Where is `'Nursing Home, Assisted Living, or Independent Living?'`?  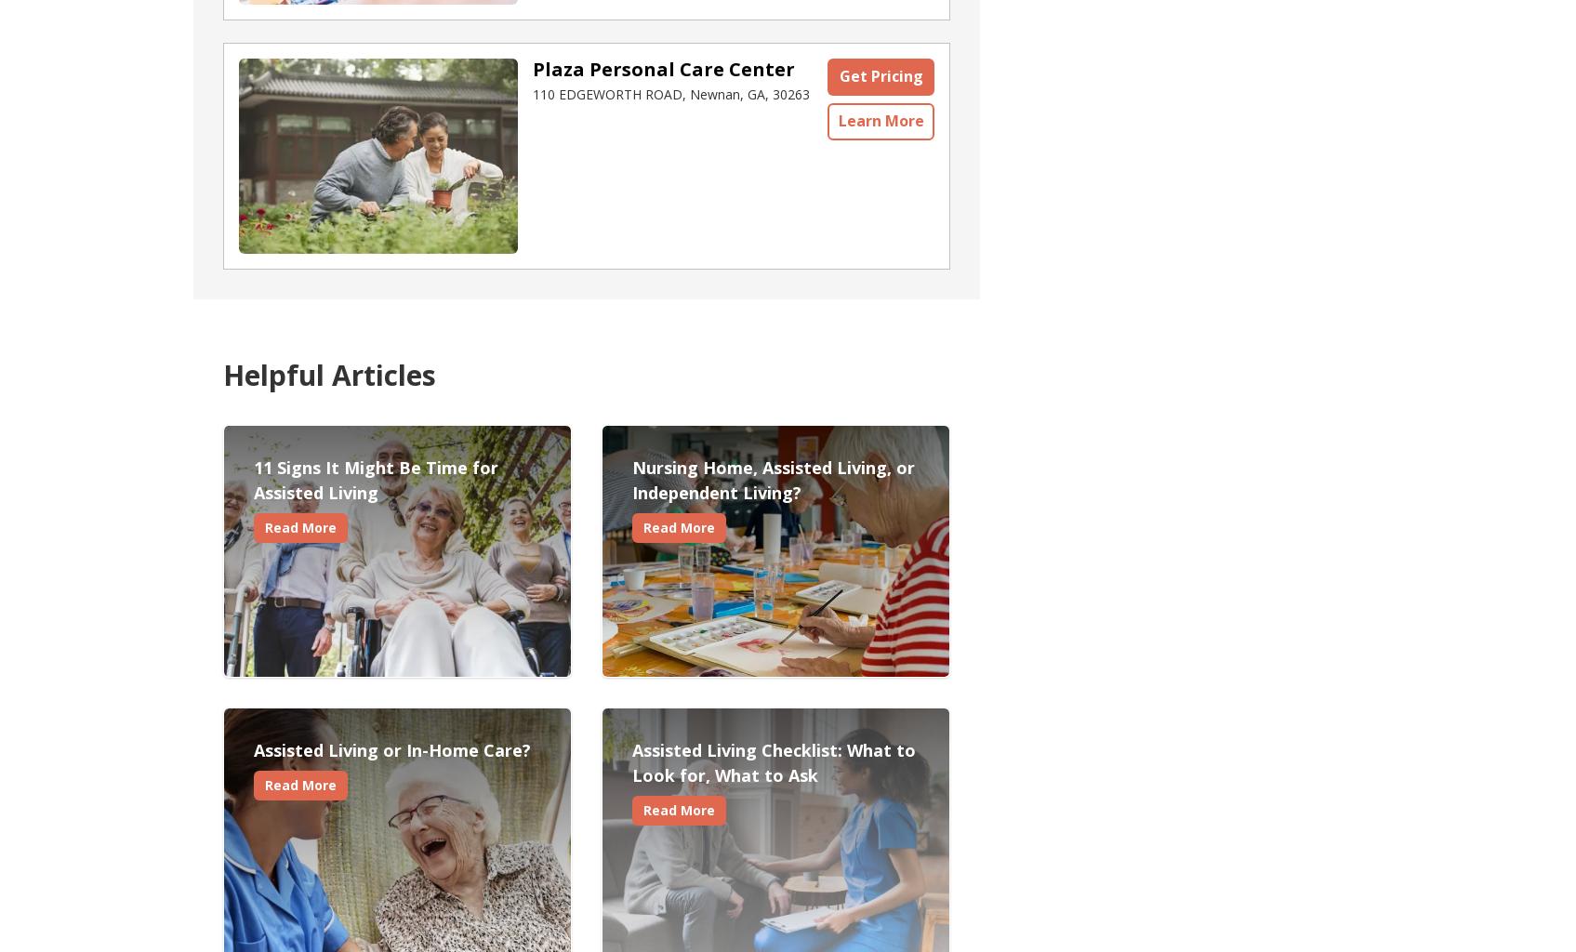
'Nursing Home, Assisted Living, or Independent Living?' is located at coordinates (773, 480).